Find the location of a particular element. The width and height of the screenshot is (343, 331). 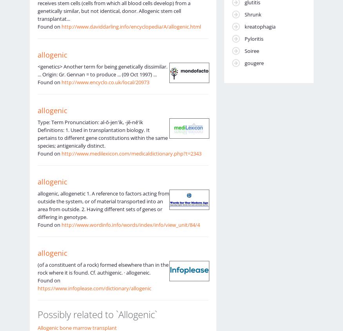

'http://www.wordinfo.info/words/index/info/view_unit/84/4' is located at coordinates (130, 224).